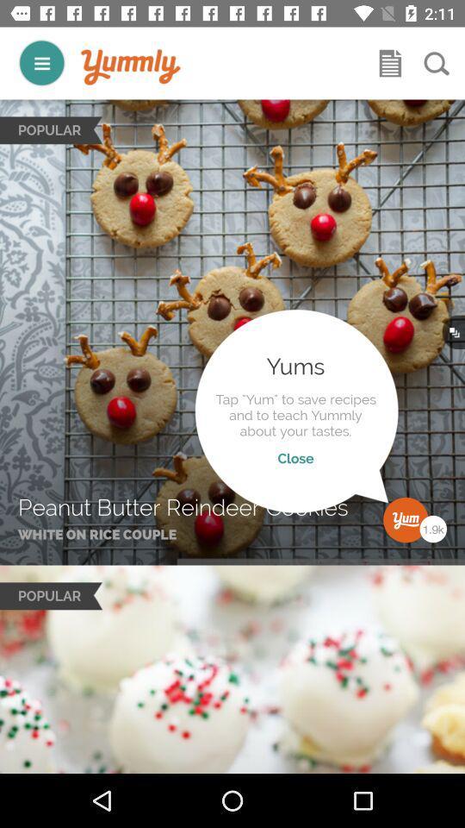 The height and width of the screenshot is (828, 465). What do you see at coordinates (130, 67) in the screenshot?
I see `looks like baked cookies with a funny cartoon face and it 's yummy if you cook` at bounding box center [130, 67].